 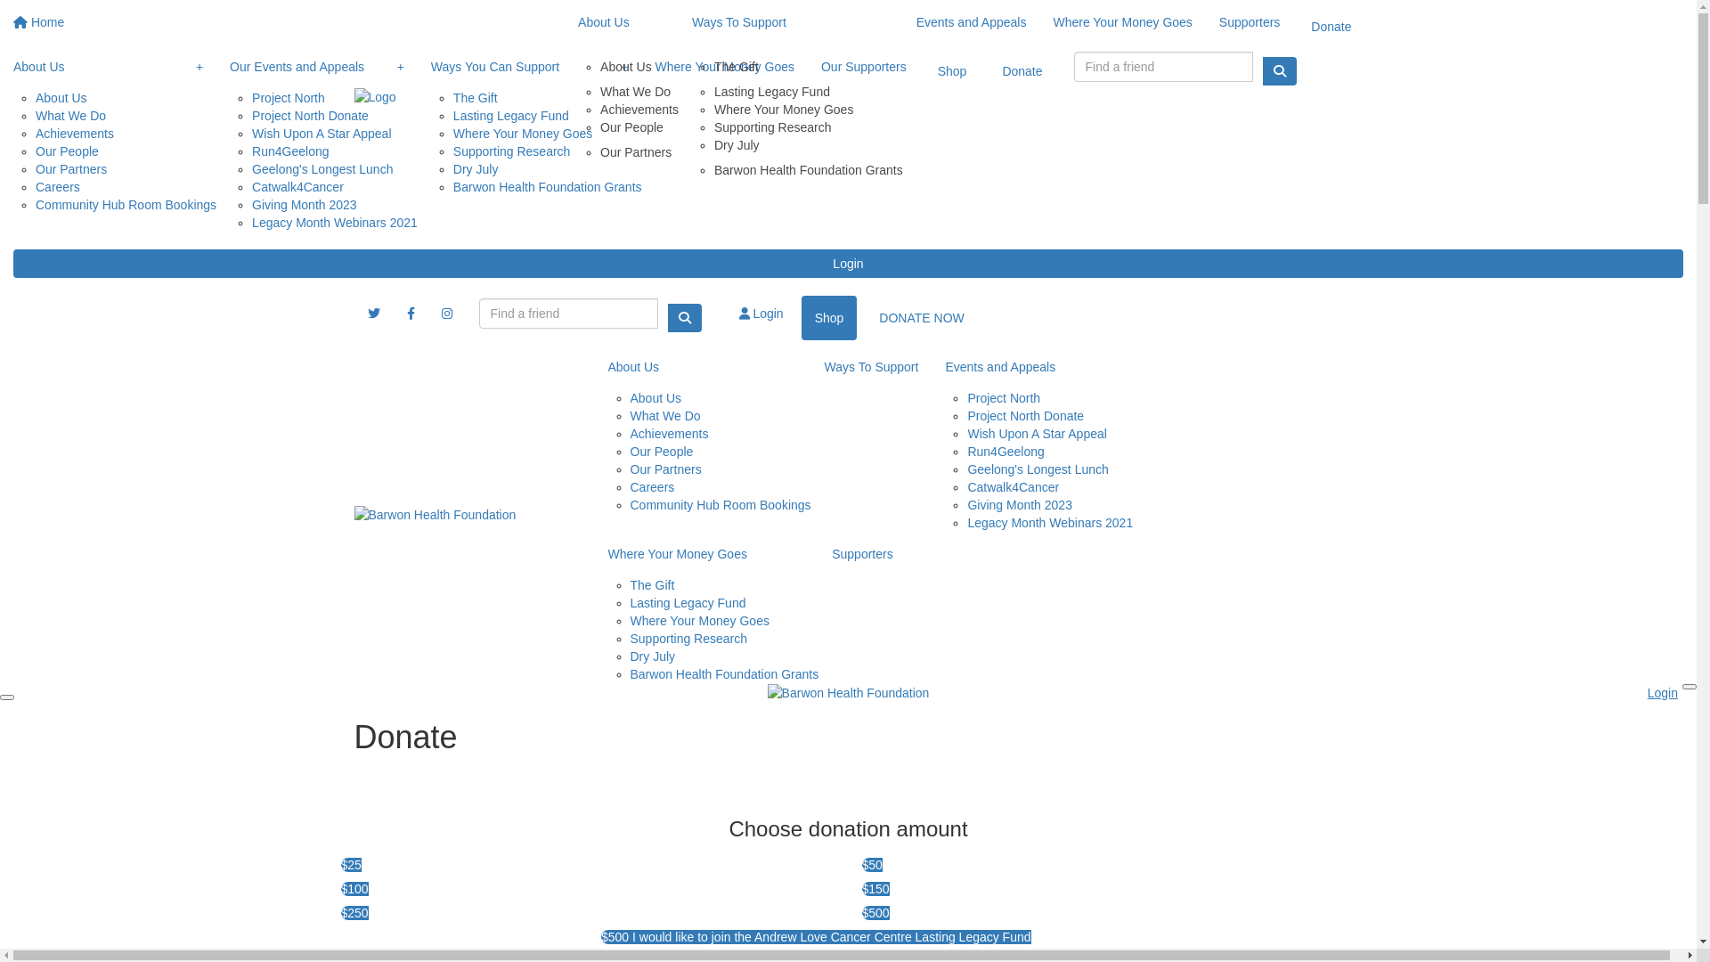 I want to click on 'Giving Month 2023', so click(x=304, y=204).